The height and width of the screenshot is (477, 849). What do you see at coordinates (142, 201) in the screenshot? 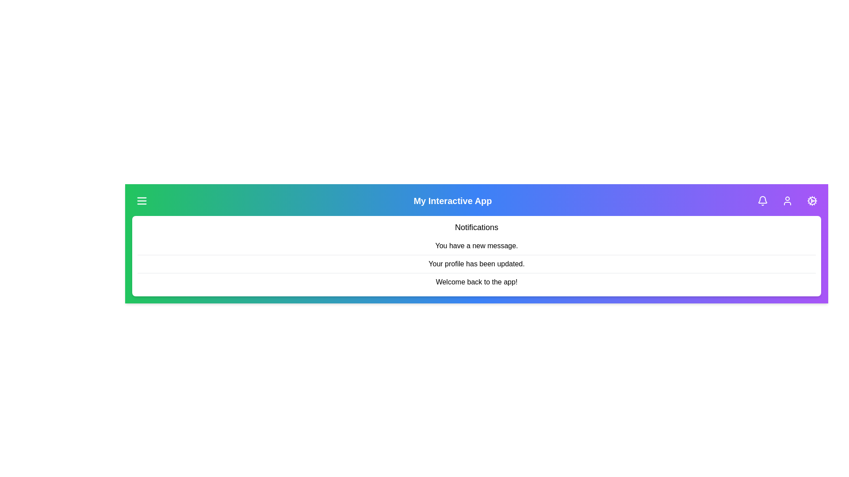
I see `the menu button in the app bar` at bounding box center [142, 201].